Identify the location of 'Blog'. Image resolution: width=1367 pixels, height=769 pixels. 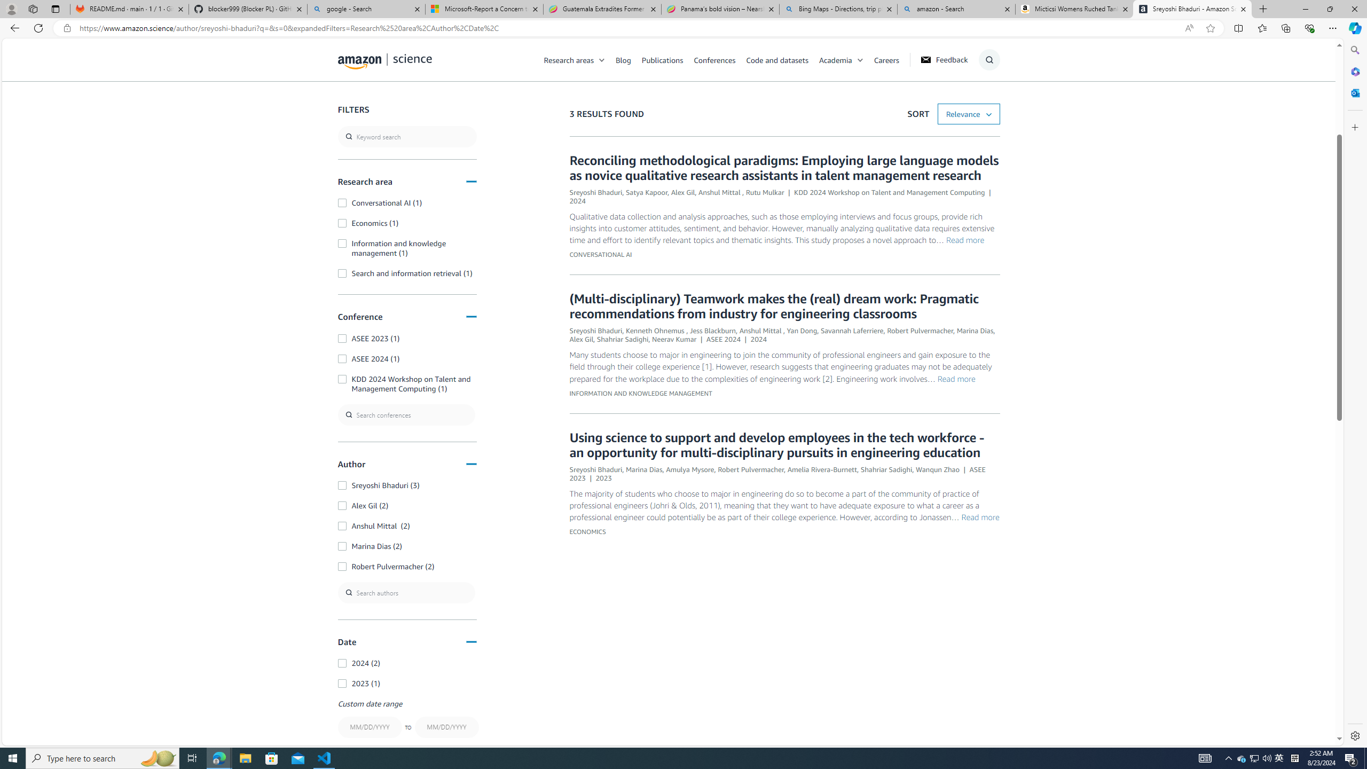
(623, 59).